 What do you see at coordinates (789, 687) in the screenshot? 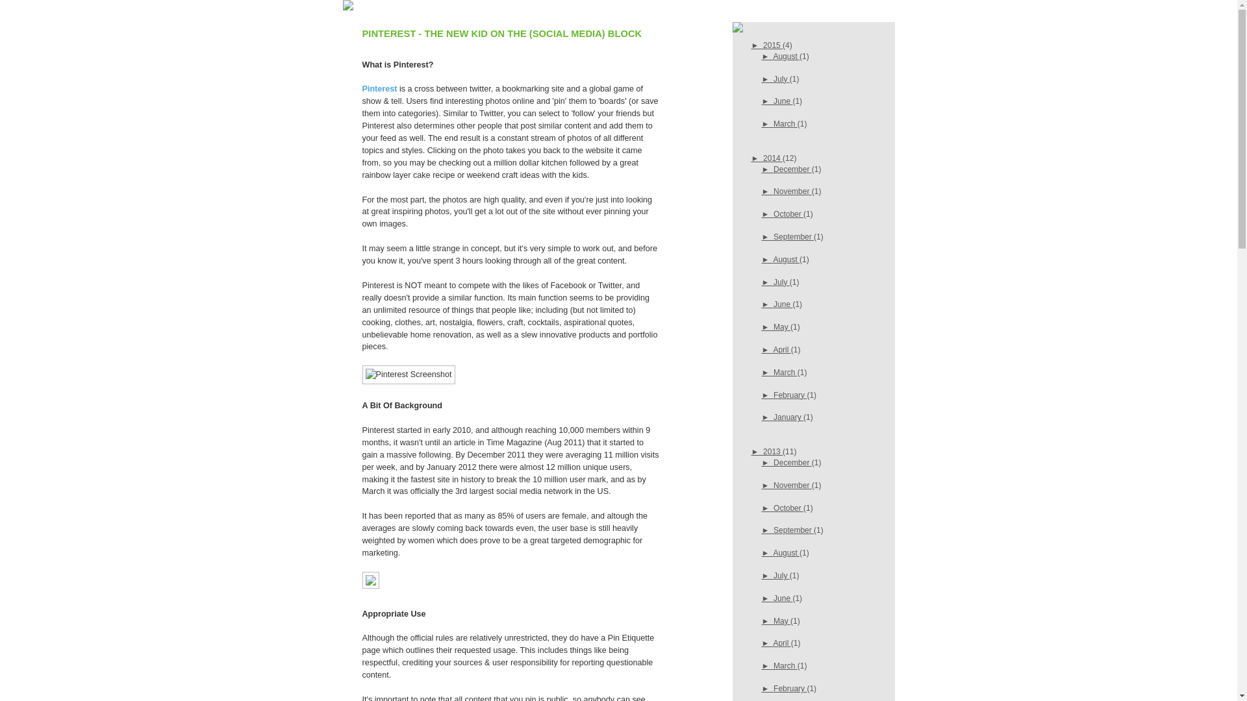
I see `'February'` at bounding box center [789, 687].